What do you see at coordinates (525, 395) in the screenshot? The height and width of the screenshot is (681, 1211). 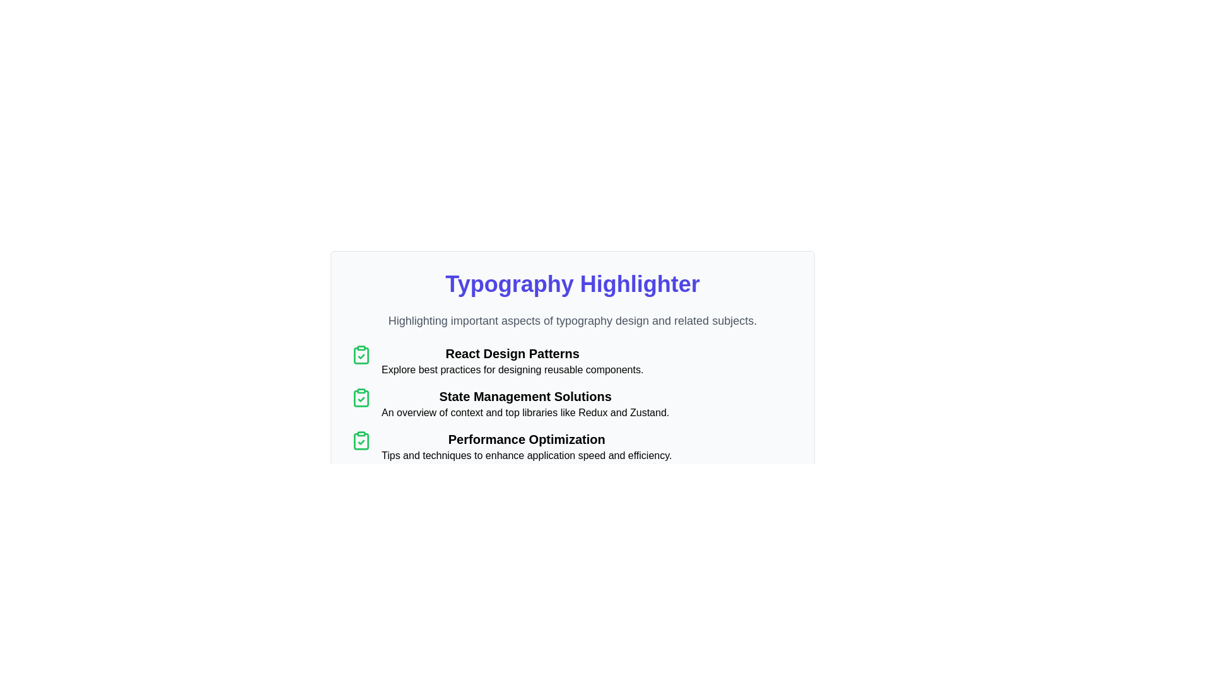 I see `the heading 'State Management Solutions'` at bounding box center [525, 395].